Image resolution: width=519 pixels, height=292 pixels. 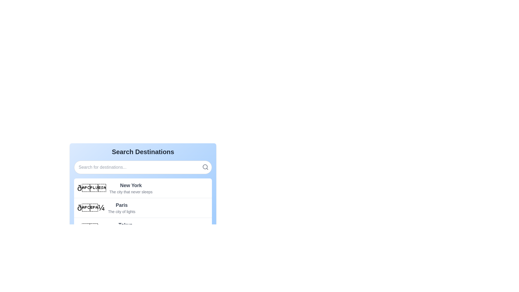 I want to click on the magnifying glass icon representing the search functionality located at the top right inside the search input field, so click(x=205, y=167).